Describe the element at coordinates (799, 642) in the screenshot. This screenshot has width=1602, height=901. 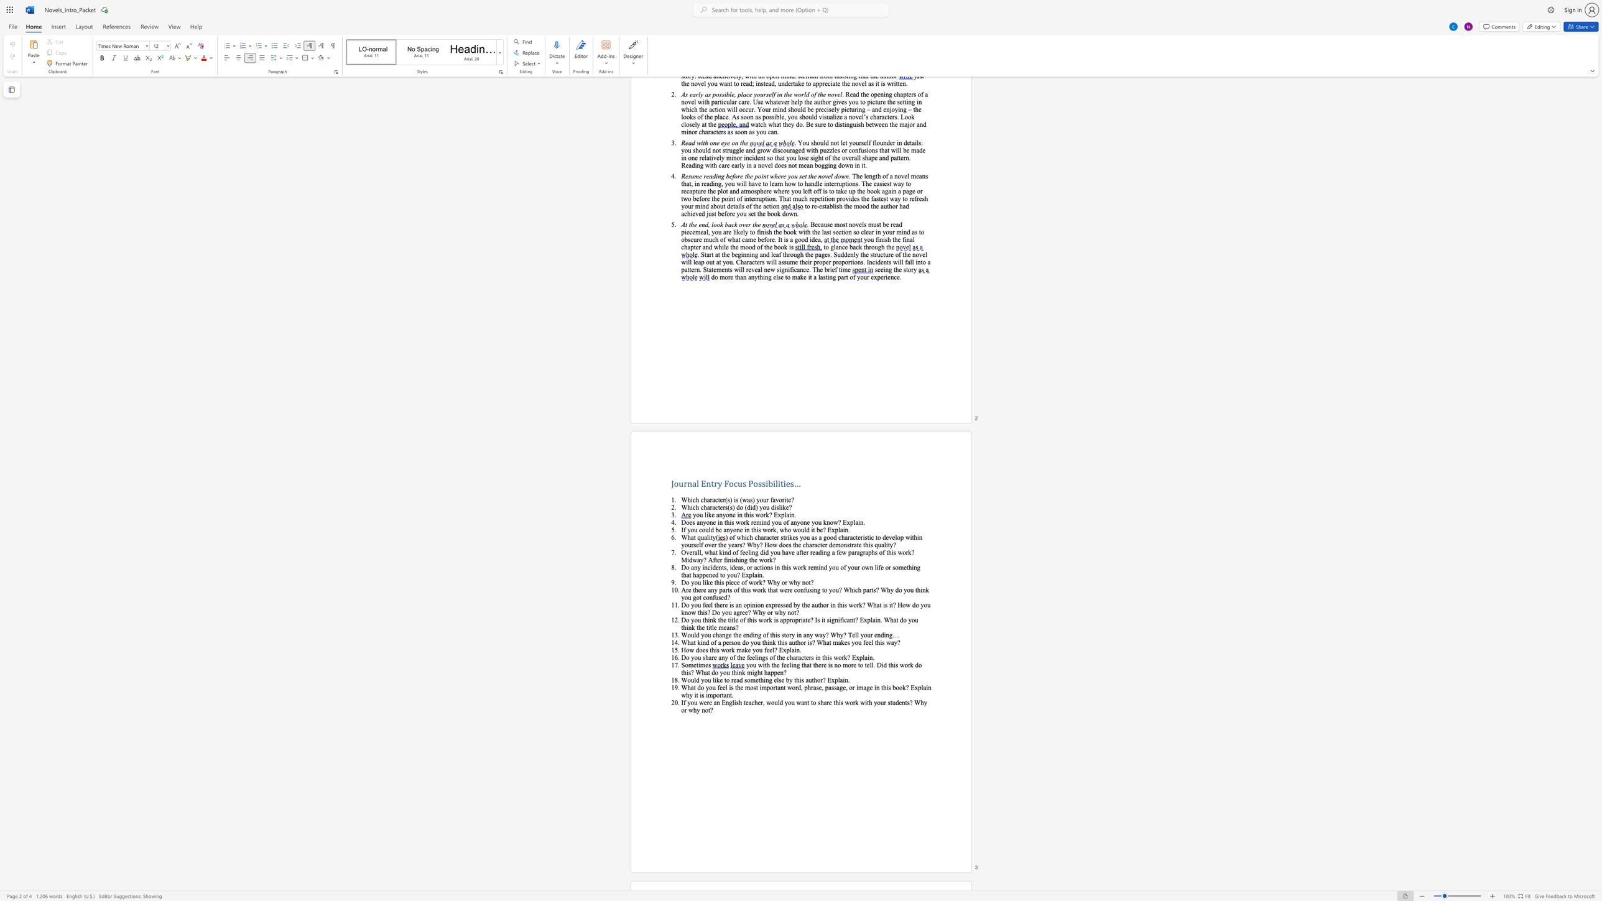
I see `the subset text "or is? What" within the text "What kind of a person do you think this author is? What makes you feel this way?"` at that location.